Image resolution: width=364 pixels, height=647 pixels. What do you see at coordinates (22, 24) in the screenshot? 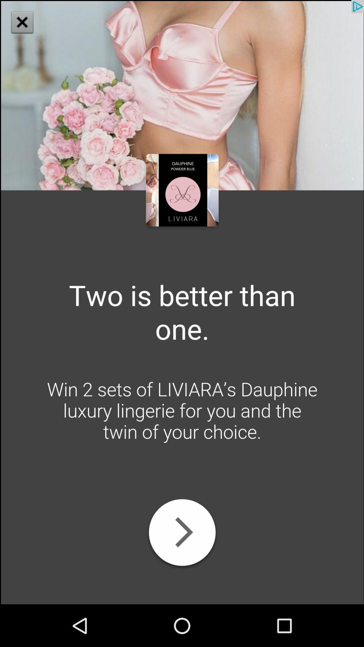
I see `the close icon` at bounding box center [22, 24].